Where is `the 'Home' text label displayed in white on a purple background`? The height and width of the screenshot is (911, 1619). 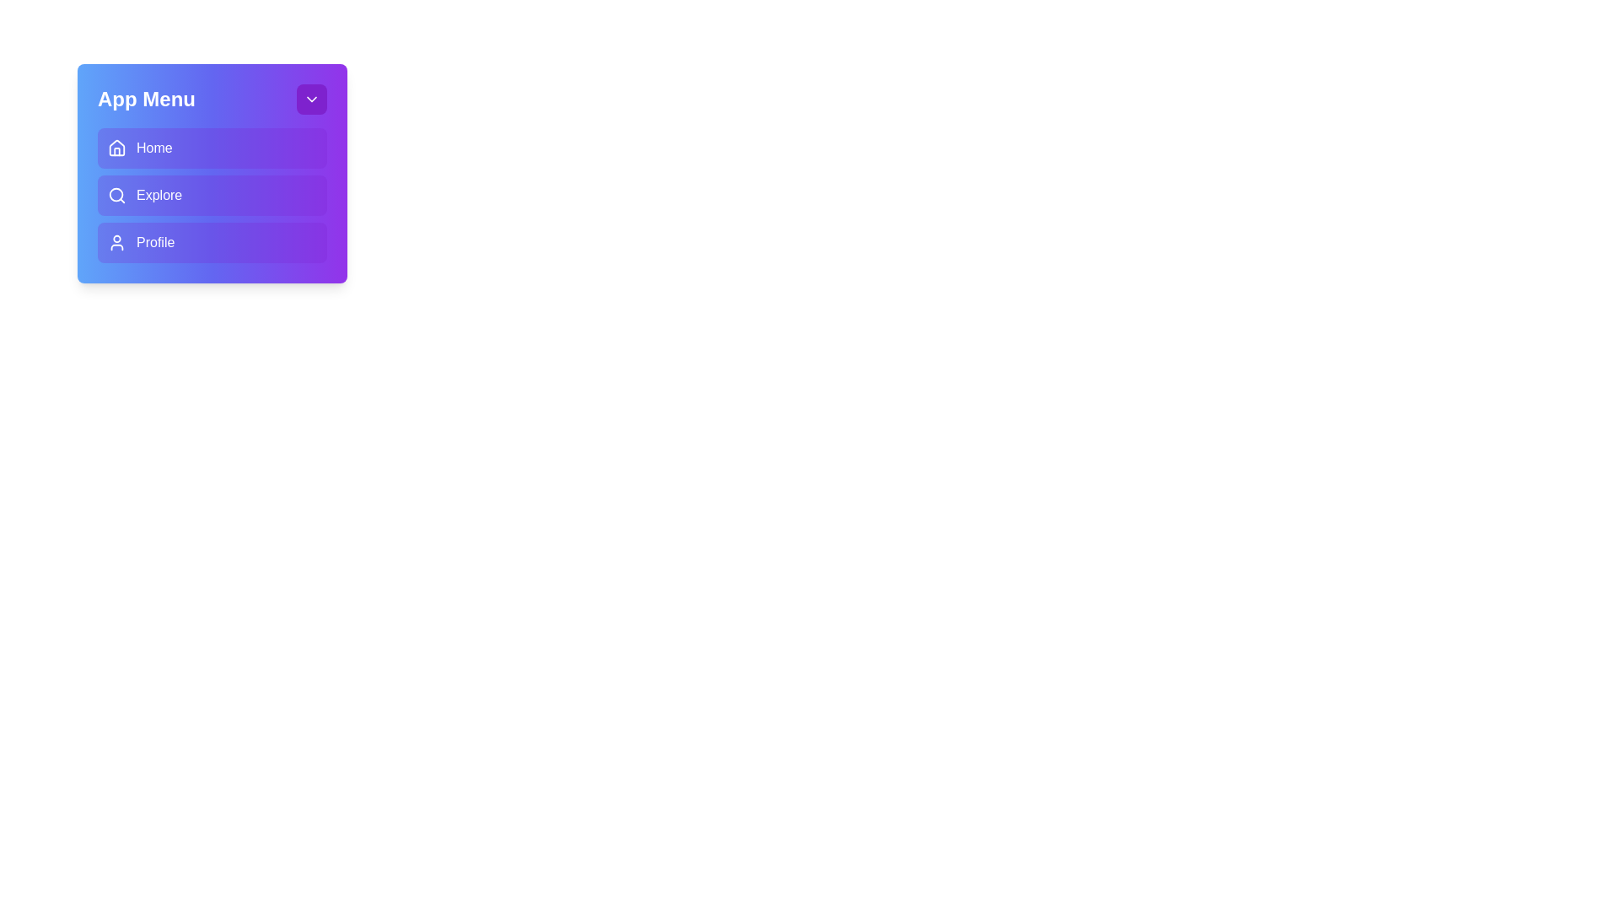
the 'Home' text label displayed in white on a purple background is located at coordinates (154, 148).